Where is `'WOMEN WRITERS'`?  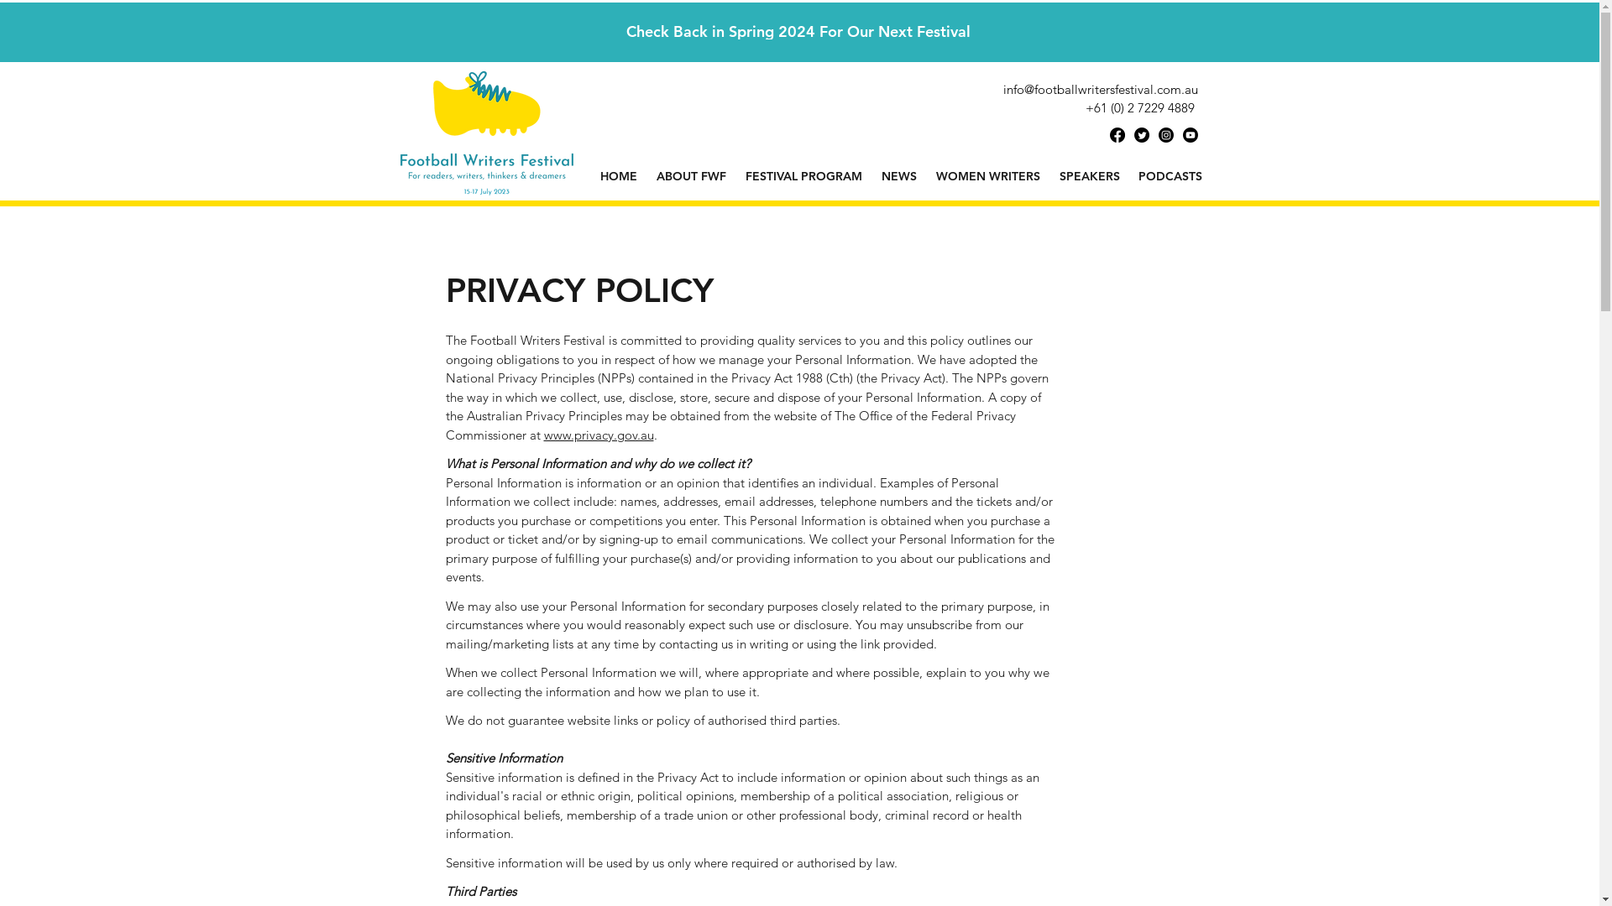 'WOMEN WRITERS' is located at coordinates (988, 175).